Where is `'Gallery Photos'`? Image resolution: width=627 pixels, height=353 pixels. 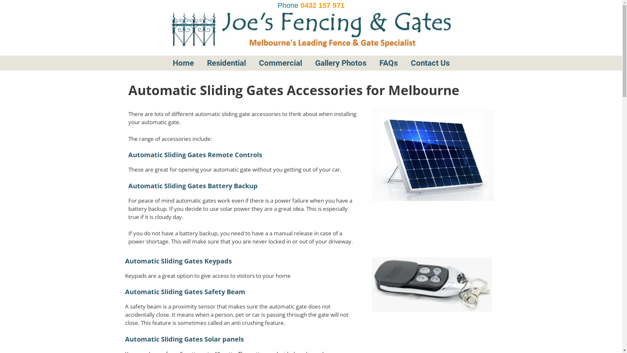
'Gallery Photos' is located at coordinates (354, 63).